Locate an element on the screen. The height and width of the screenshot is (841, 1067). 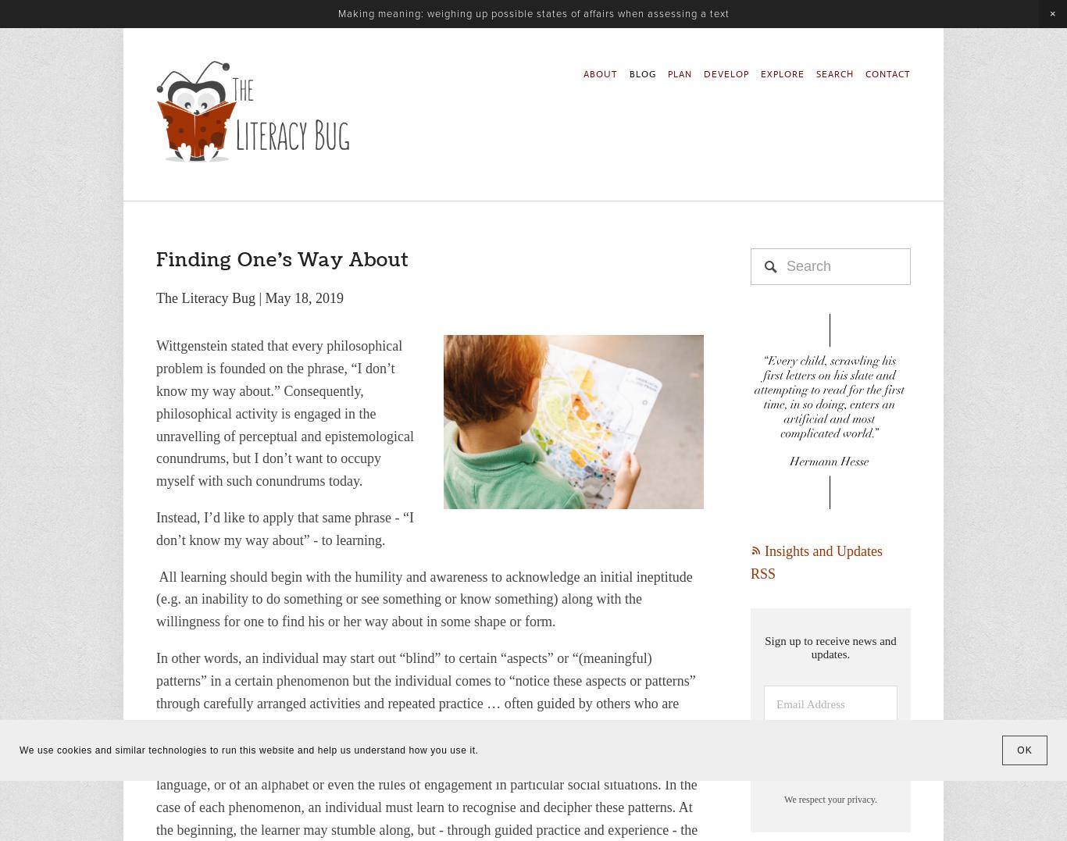
'OK' is located at coordinates (1024, 750).